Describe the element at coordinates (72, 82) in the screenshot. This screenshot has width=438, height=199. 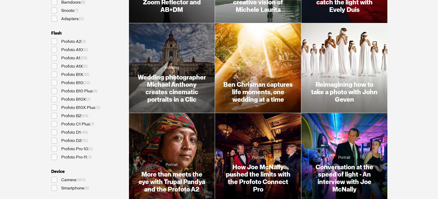
I see `'Profoto B10'` at that location.